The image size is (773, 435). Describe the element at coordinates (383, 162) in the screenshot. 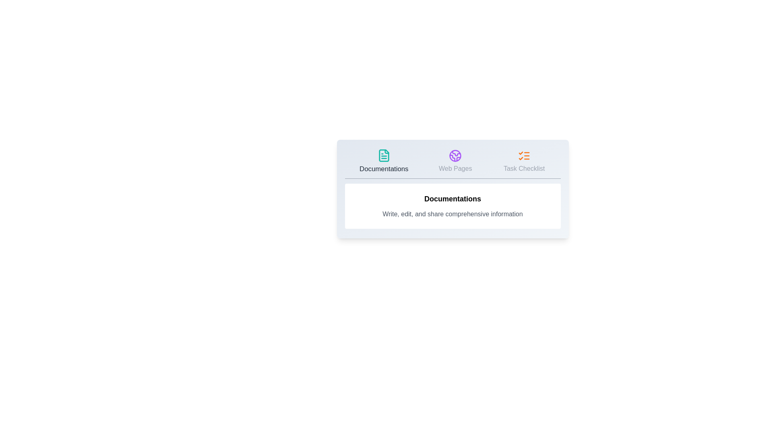

I see `the tab labeled Documentations` at that location.